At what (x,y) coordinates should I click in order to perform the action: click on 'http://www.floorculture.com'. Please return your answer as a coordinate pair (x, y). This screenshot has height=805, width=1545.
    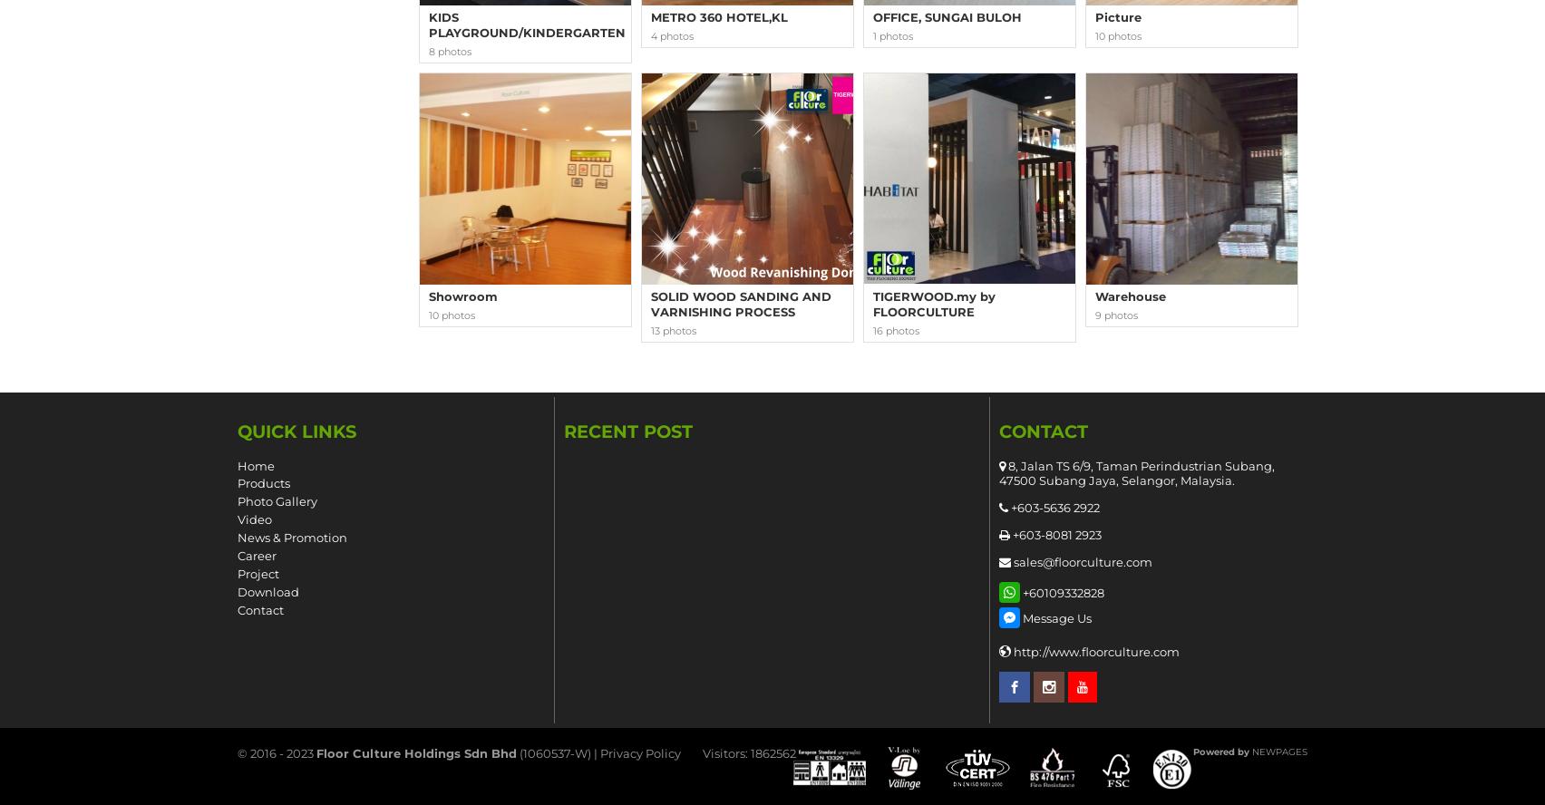
    Looking at the image, I should click on (1012, 652).